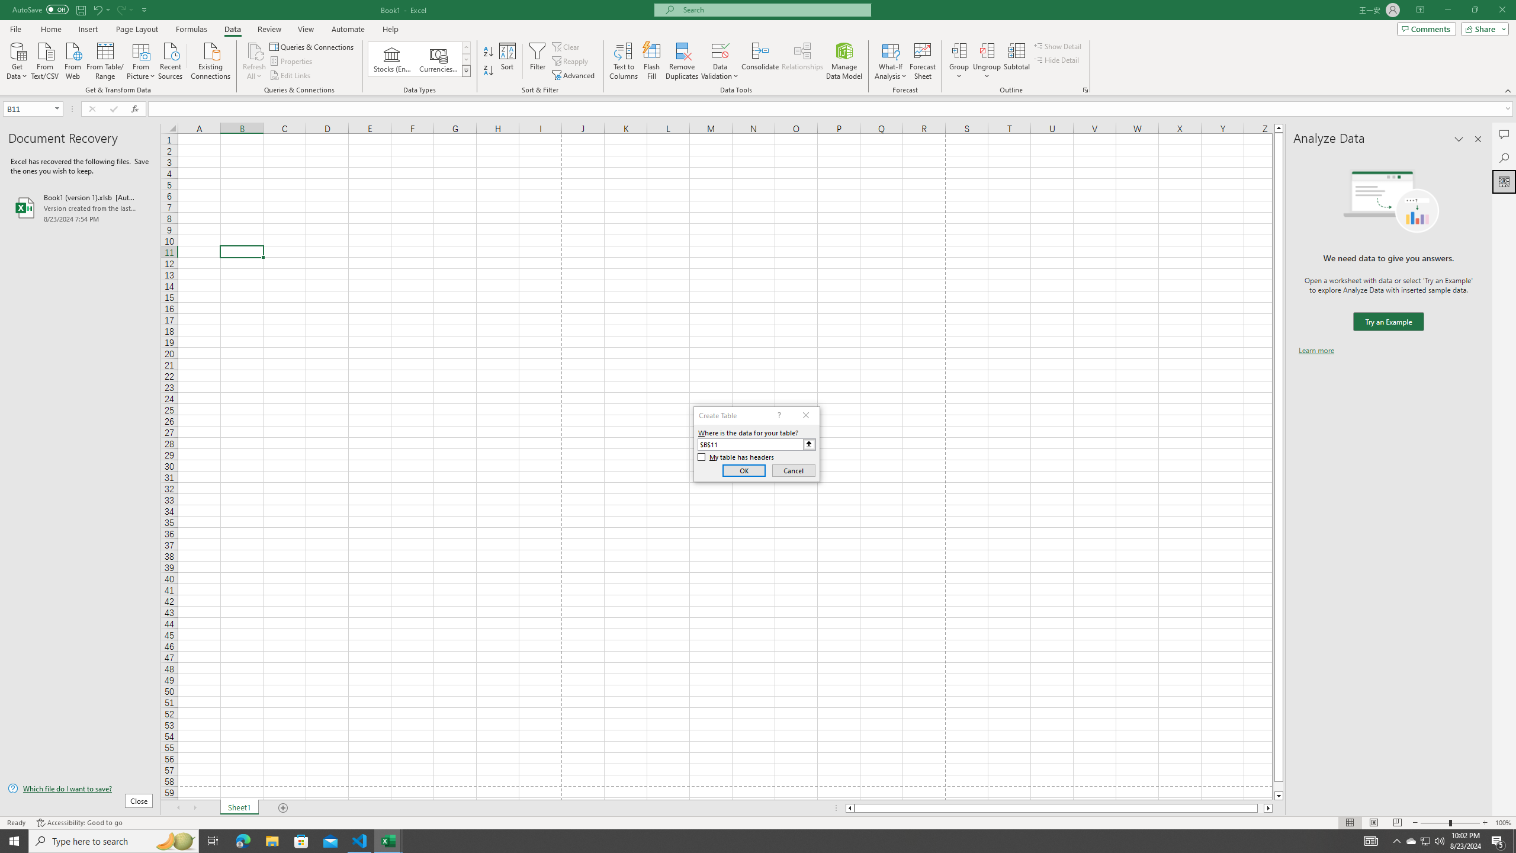 This screenshot has height=853, width=1516. I want to click on 'Learn more', so click(1316, 349).